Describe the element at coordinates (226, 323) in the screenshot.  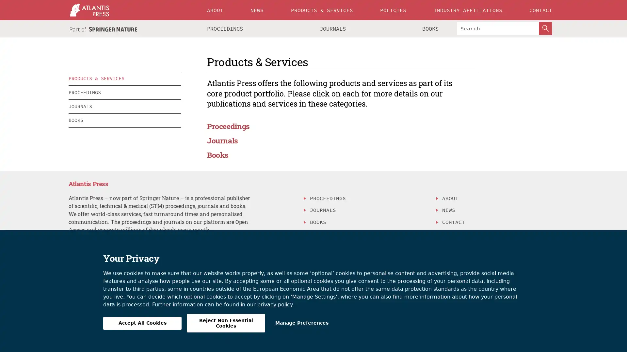
I see `Reject Non Essential Cookies` at that location.